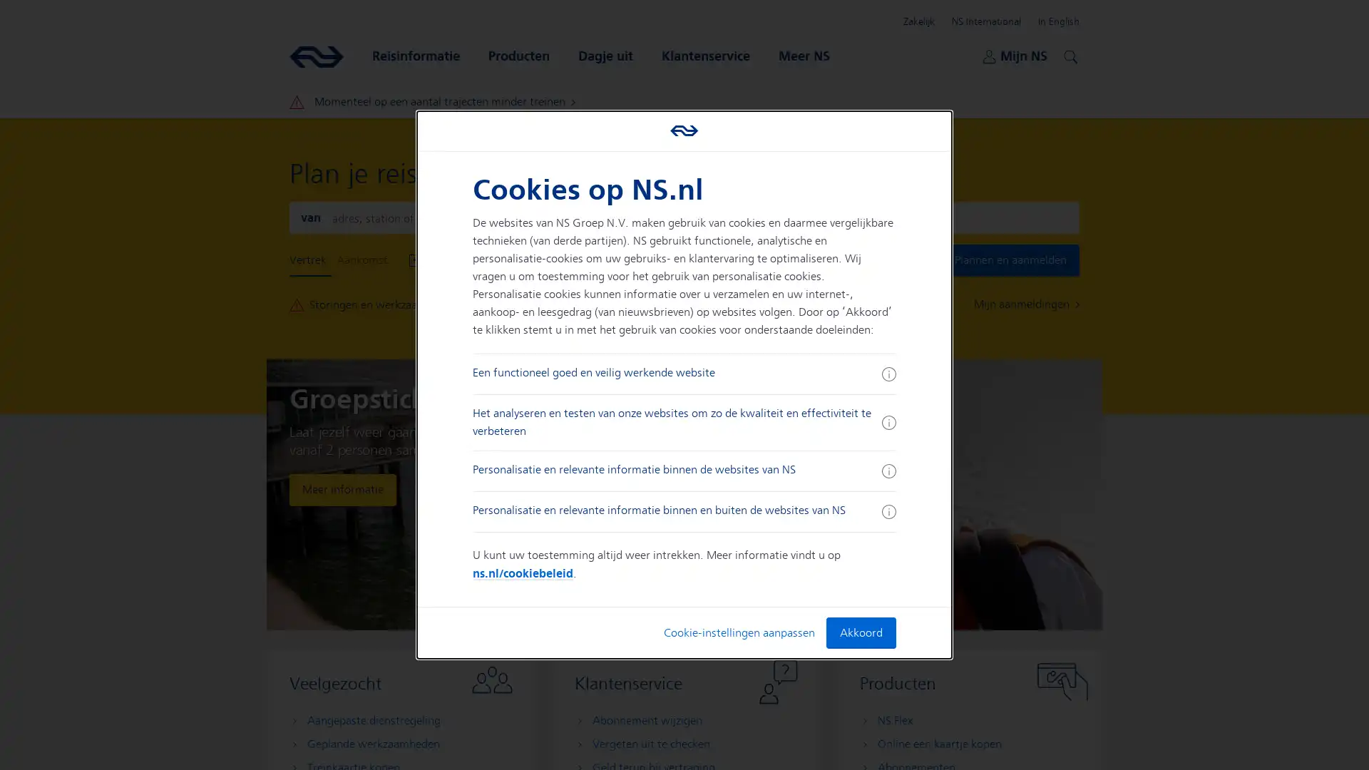  Describe the element at coordinates (1014, 55) in the screenshot. I see `Mijn NS Open submenu` at that location.